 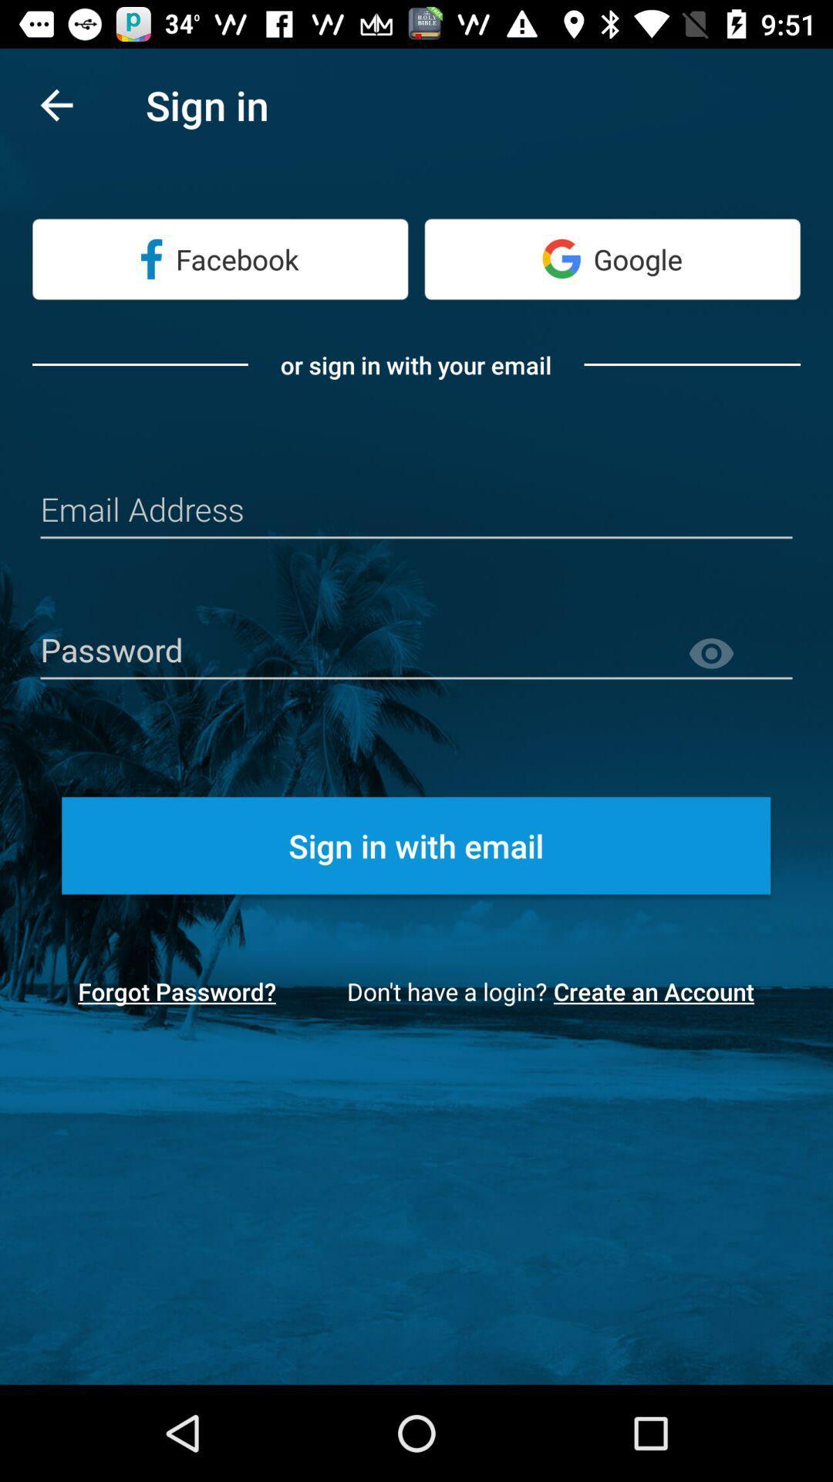 I want to click on the forgot password? item, so click(x=176, y=991).